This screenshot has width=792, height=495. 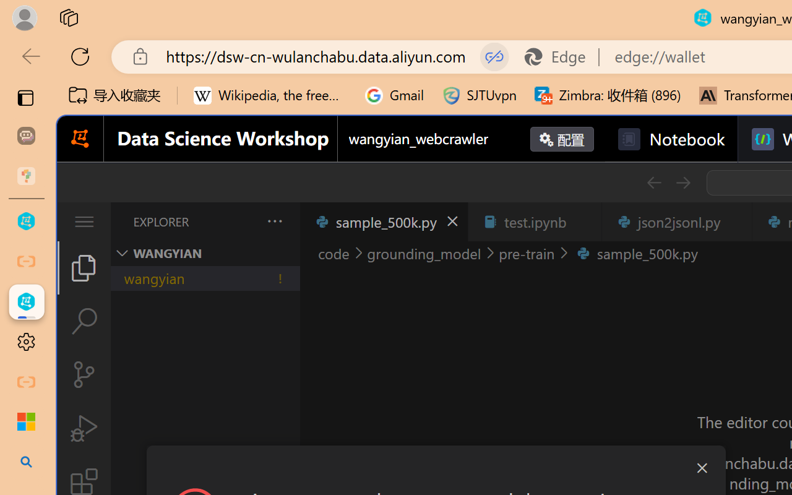 What do you see at coordinates (83, 267) in the screenshot?
I see `'Explorer (Ctrl+Shift+E)'` at bounding box center [83, 267].